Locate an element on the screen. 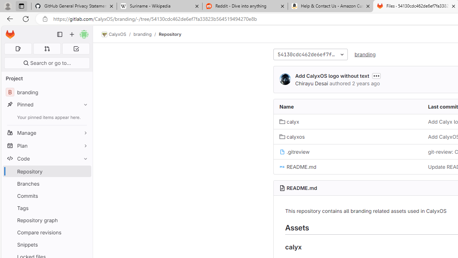  'Name' is located at coordinates (348, 107).